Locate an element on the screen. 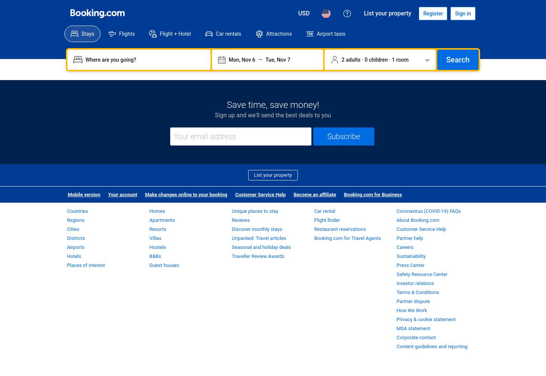  'Customer Service Help' is located at coordinates (421, 229).